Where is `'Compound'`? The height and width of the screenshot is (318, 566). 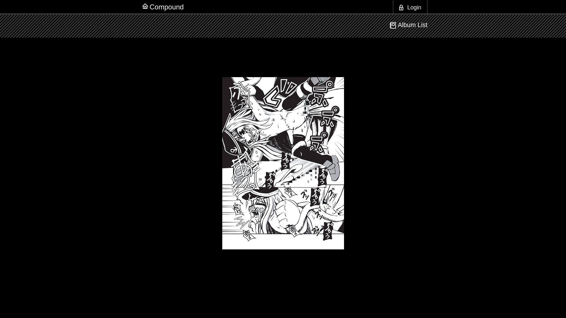 'Compound' is located at coordinates (167, 7).